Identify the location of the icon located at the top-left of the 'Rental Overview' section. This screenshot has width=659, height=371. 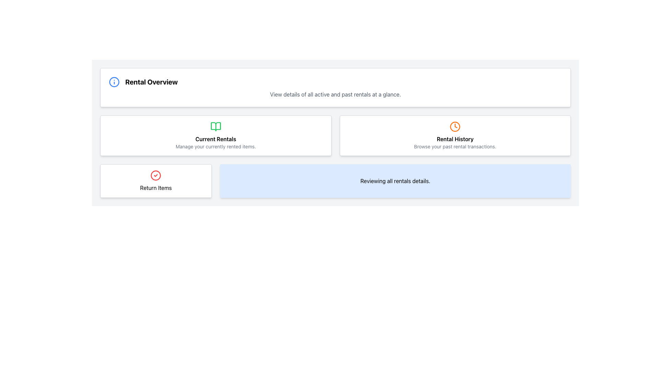
(114, 82).